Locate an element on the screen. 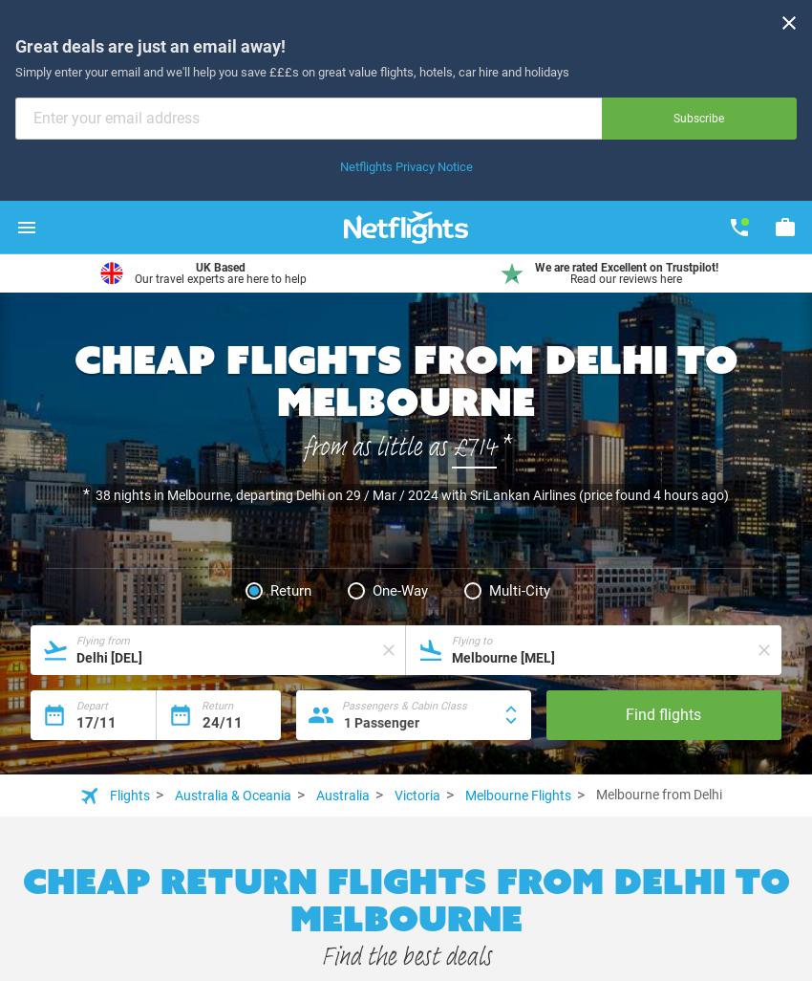 This screenshot has width=812, height=981. 'Netflights Privacy Notice' is located at coordinates (405, 164).